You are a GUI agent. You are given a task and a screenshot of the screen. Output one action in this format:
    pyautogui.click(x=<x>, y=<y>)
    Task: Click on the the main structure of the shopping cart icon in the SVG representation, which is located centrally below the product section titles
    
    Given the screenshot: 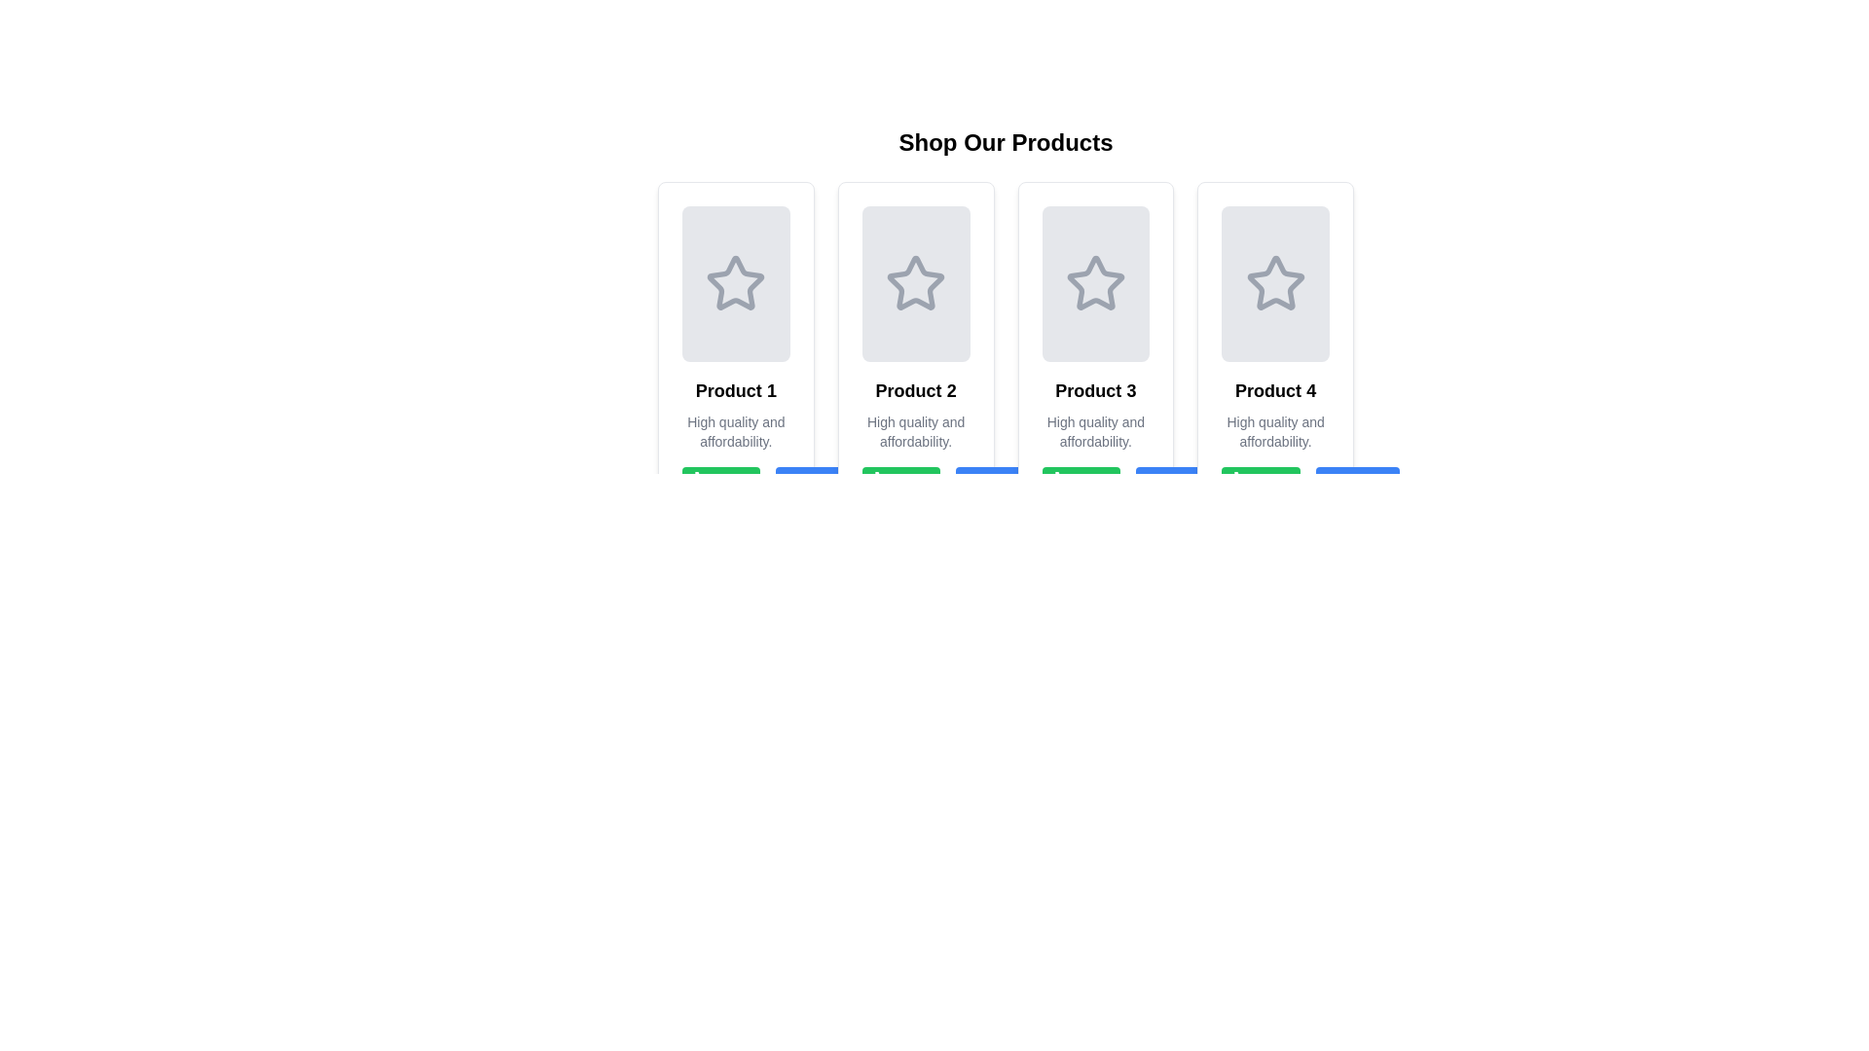 What is the action you would take?
    pyautogui.click(x=884, y=480)
    